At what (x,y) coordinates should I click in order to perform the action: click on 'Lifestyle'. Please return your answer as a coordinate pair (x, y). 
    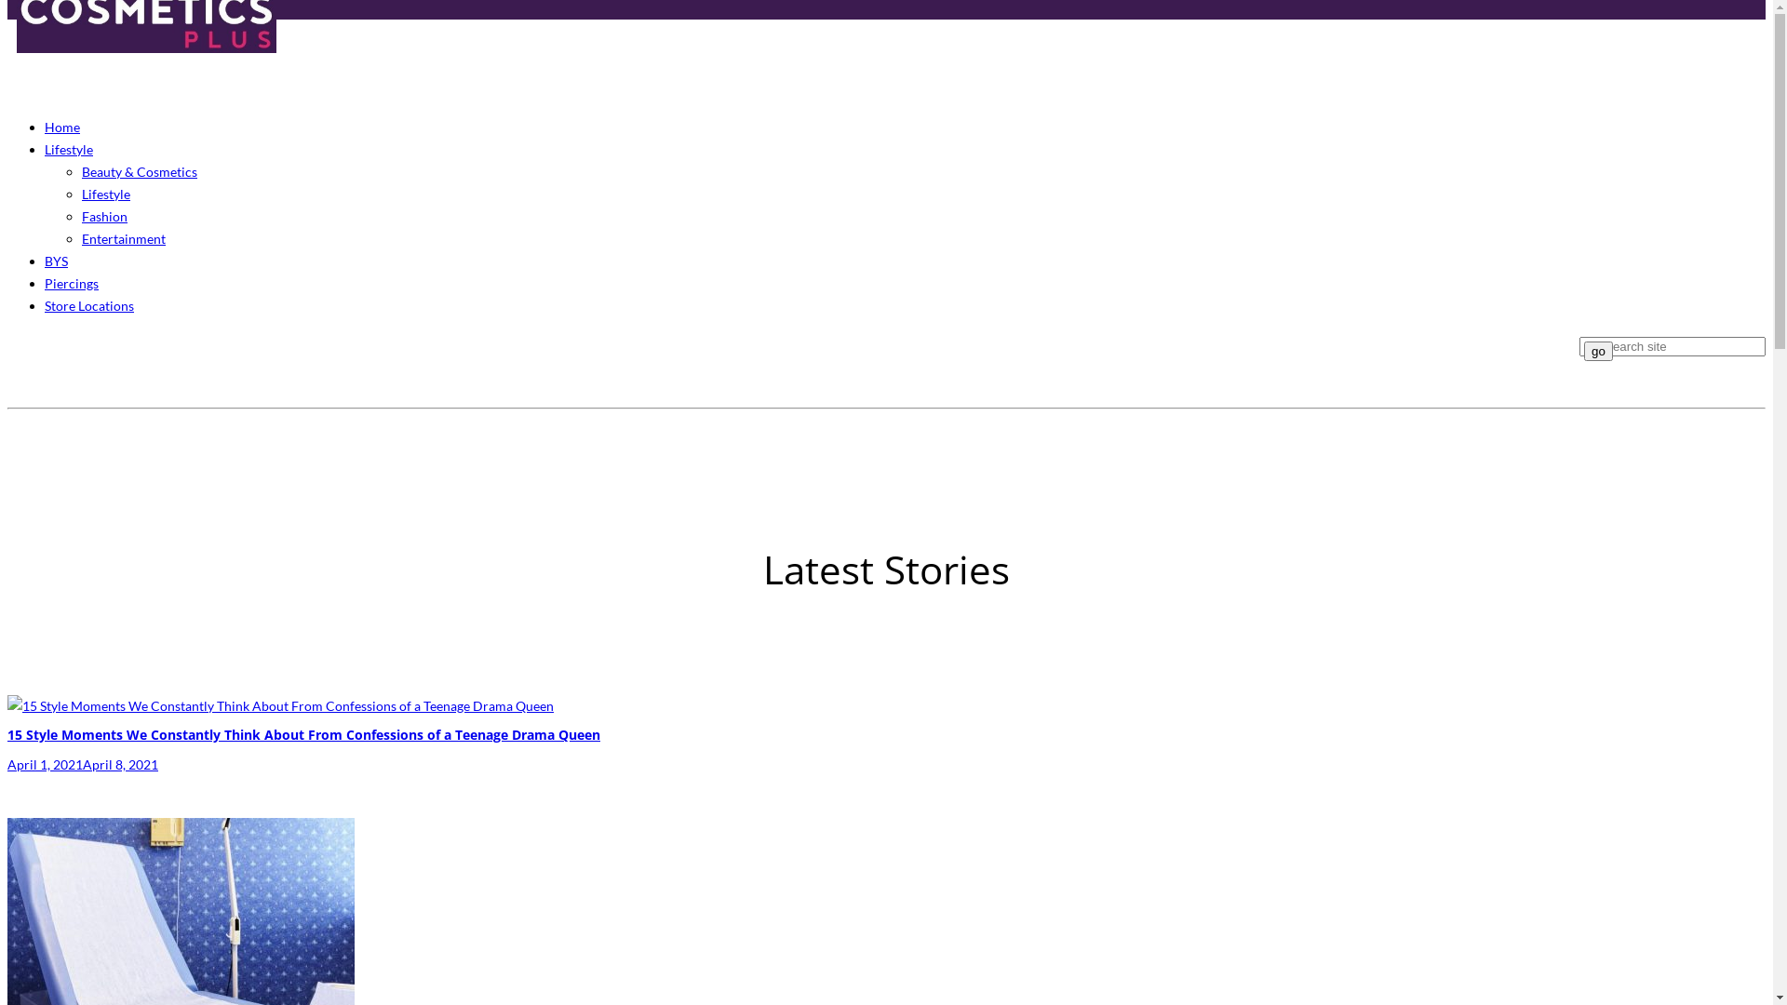
    Looking at the image, I should click on (105, 194).